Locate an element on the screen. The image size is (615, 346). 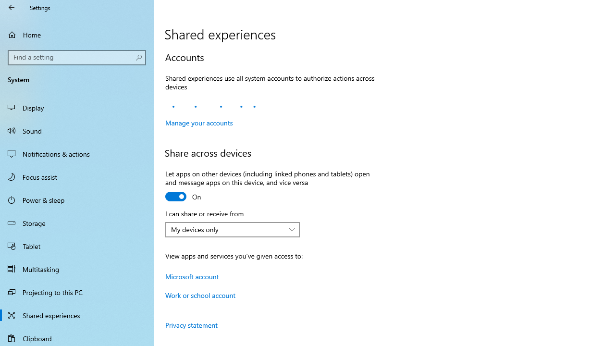
'Microsoft account' is located at coordinates (192, 276).